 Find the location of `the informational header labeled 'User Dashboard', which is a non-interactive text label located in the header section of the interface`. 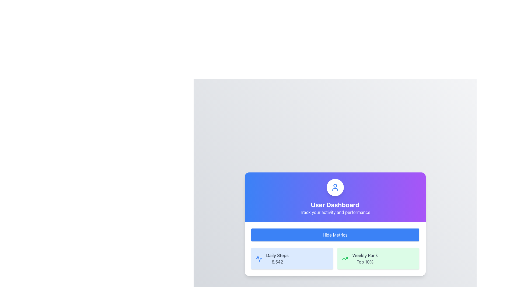

the informational header labeled 'User Dashboard', which is a non-interactive text label located in the header section of the interface is located at coordinates (335, 205).